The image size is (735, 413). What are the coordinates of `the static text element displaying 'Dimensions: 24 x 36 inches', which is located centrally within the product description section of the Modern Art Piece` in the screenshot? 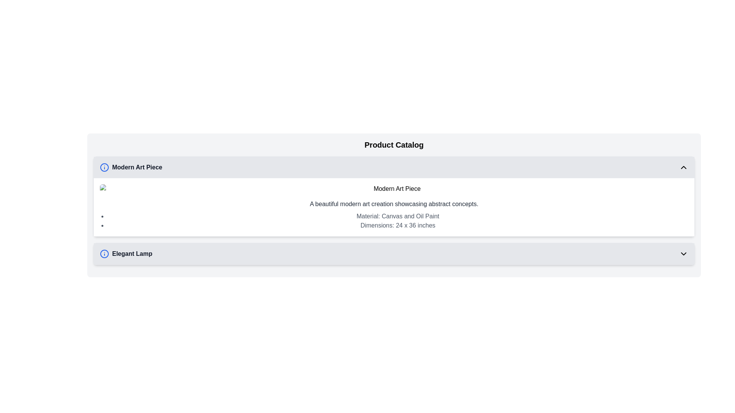 It's located at (398, 225).